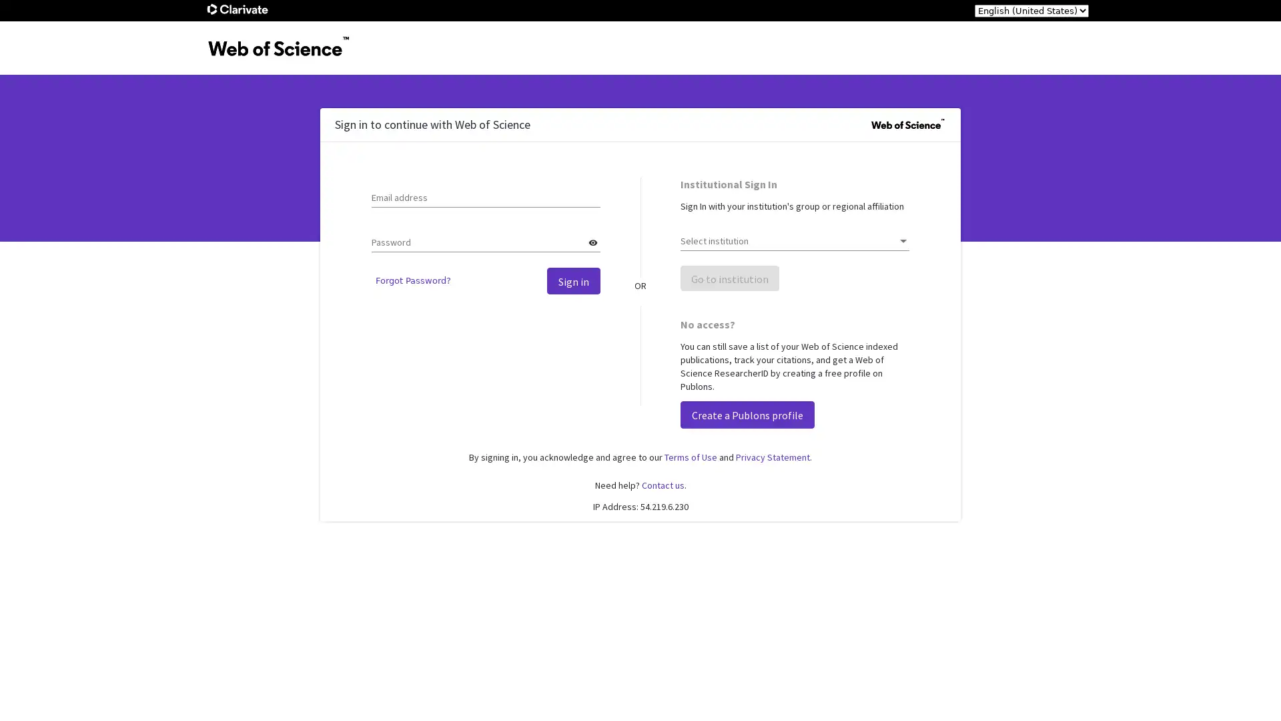 Image resolution: width=1281 pixels, height=721 pixels. Describe the element at coordinates (573, 280) in the screenshot. I see `Sign in` at that location.